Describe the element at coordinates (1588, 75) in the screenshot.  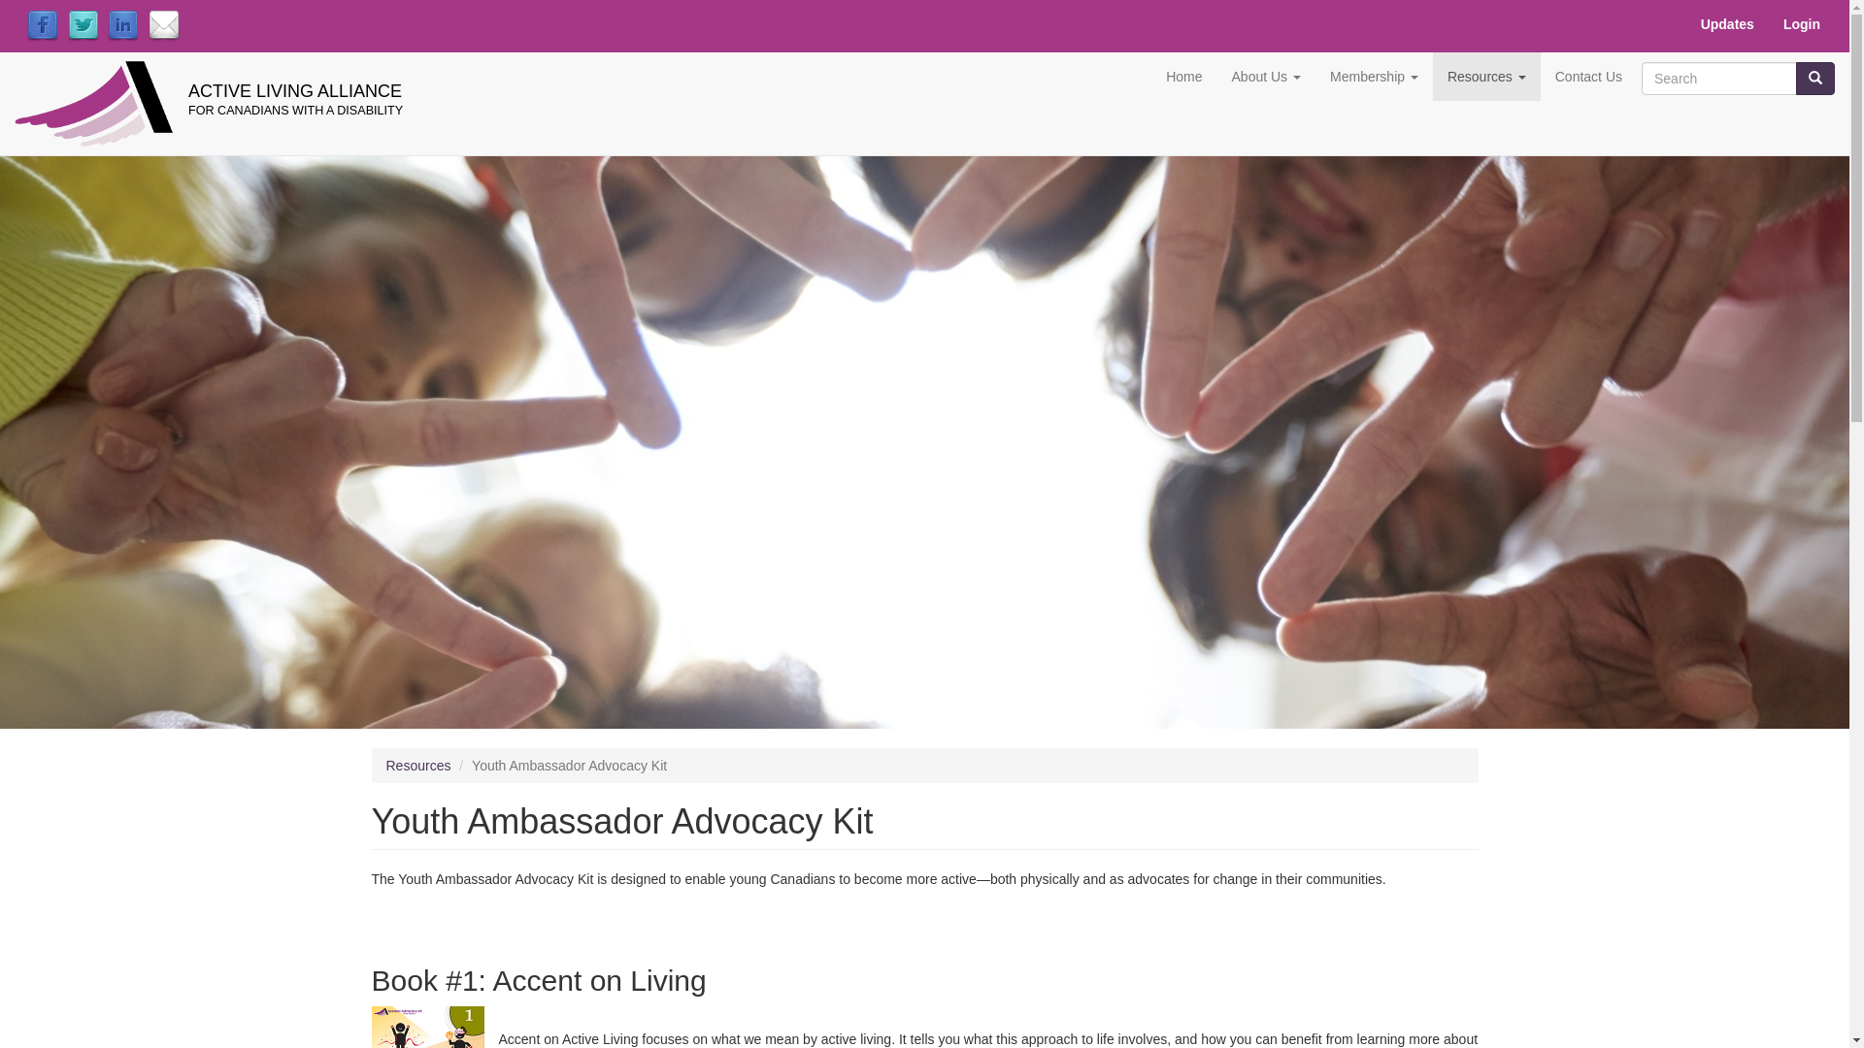
I see `'Contact Us'` at that location.